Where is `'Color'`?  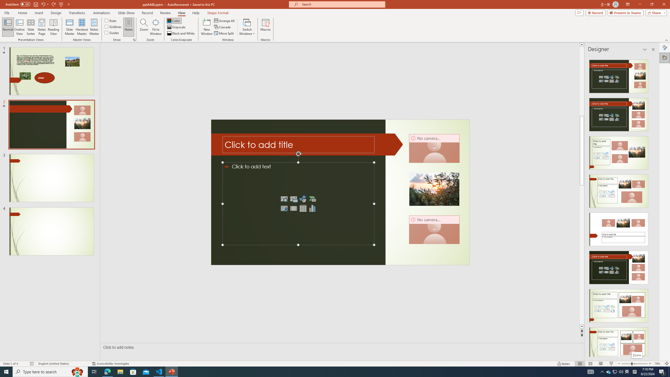
'Color' is located at coordinates (174, 20).